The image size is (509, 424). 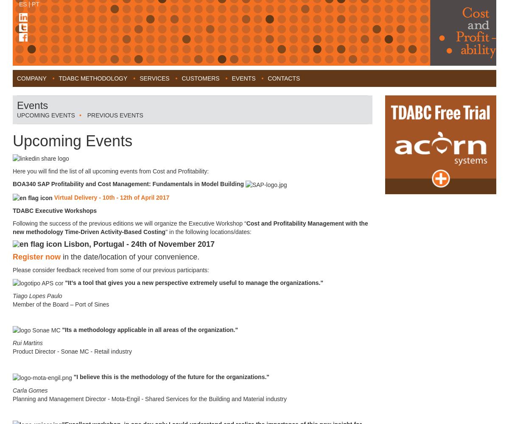 What do you see at coordinates (37, 296) in the screenshot?
I see `'Tiago Lopes Paulo'` at bounding box center [37, 296].